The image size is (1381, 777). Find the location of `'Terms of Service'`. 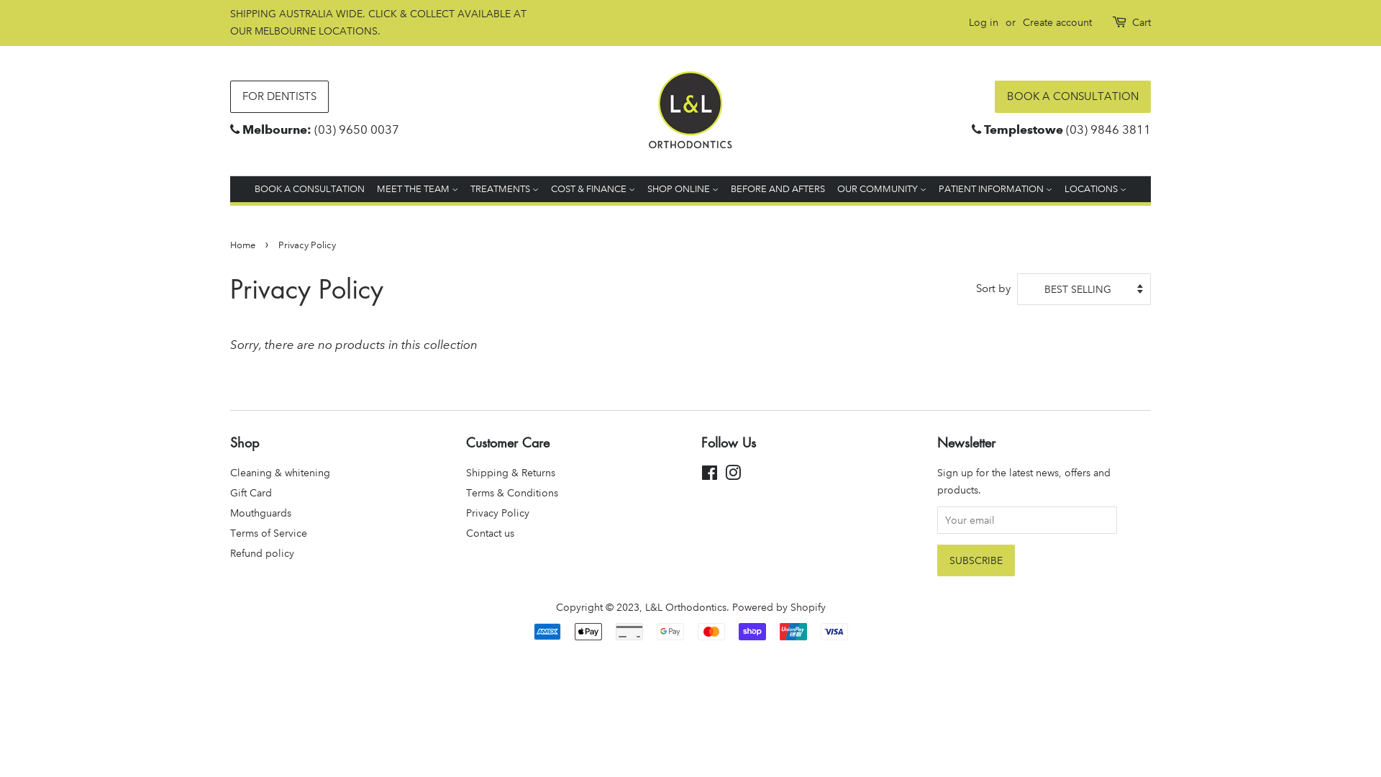

'Terms of Service' is located at coordinates (268, 532).